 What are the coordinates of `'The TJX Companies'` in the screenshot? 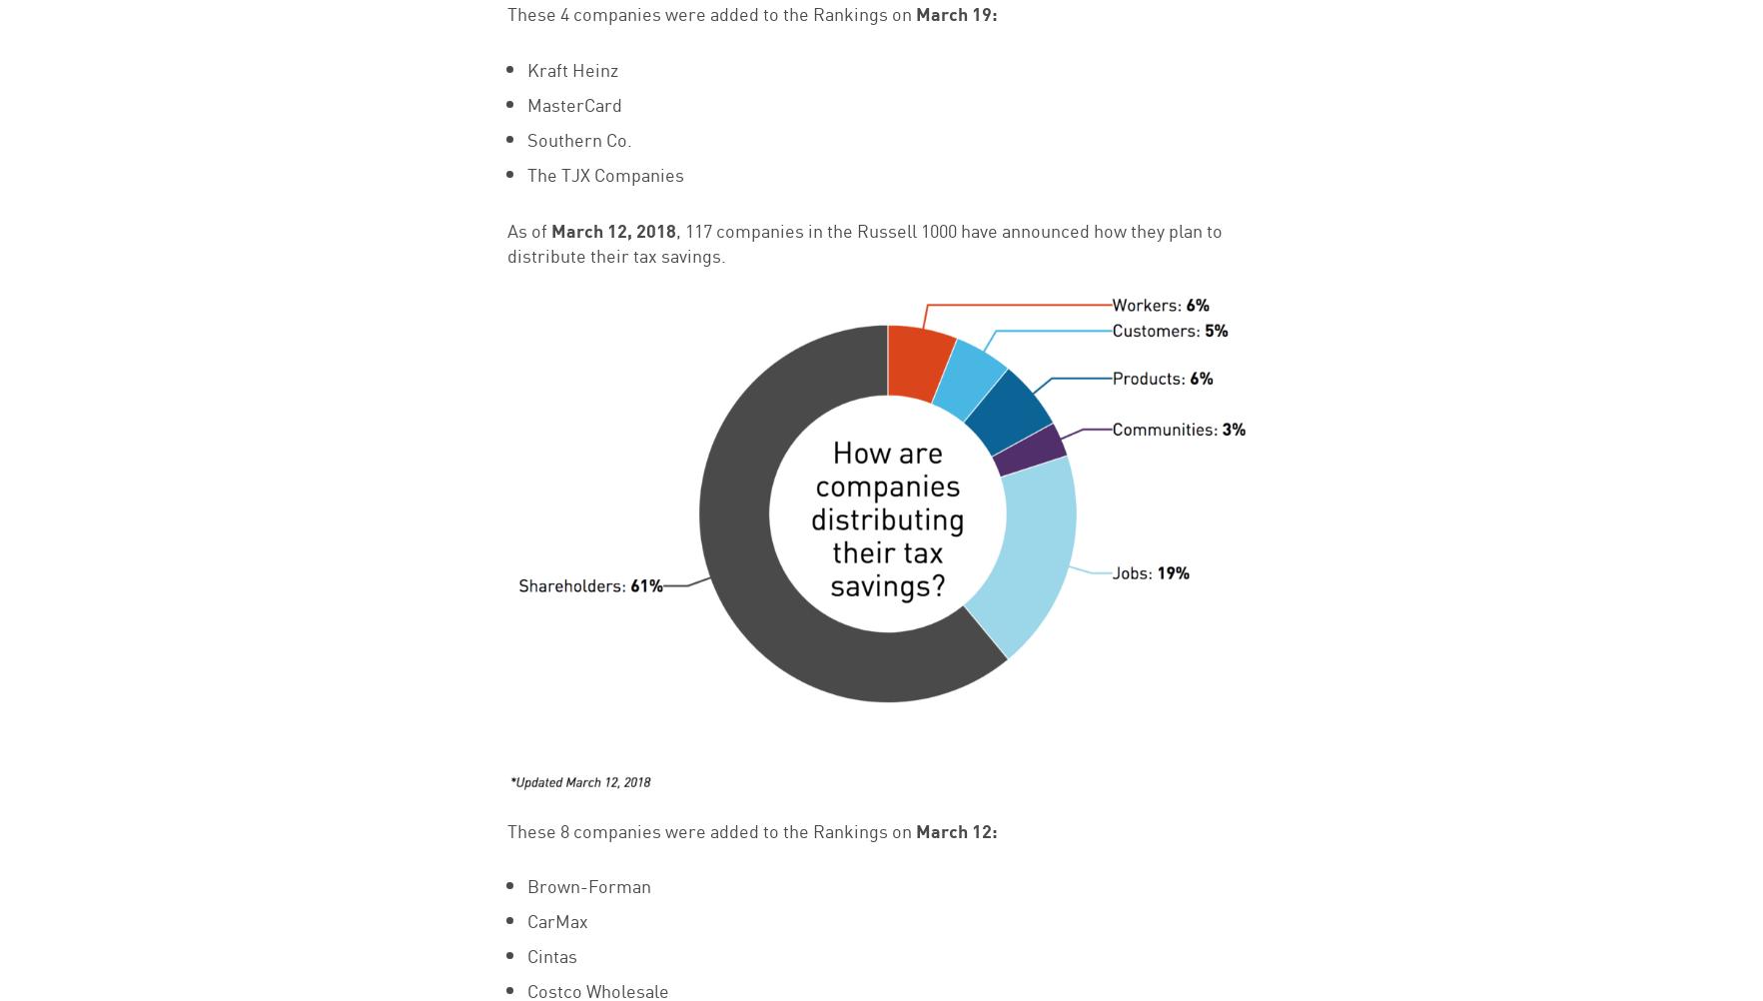 It's located at (603, 174).